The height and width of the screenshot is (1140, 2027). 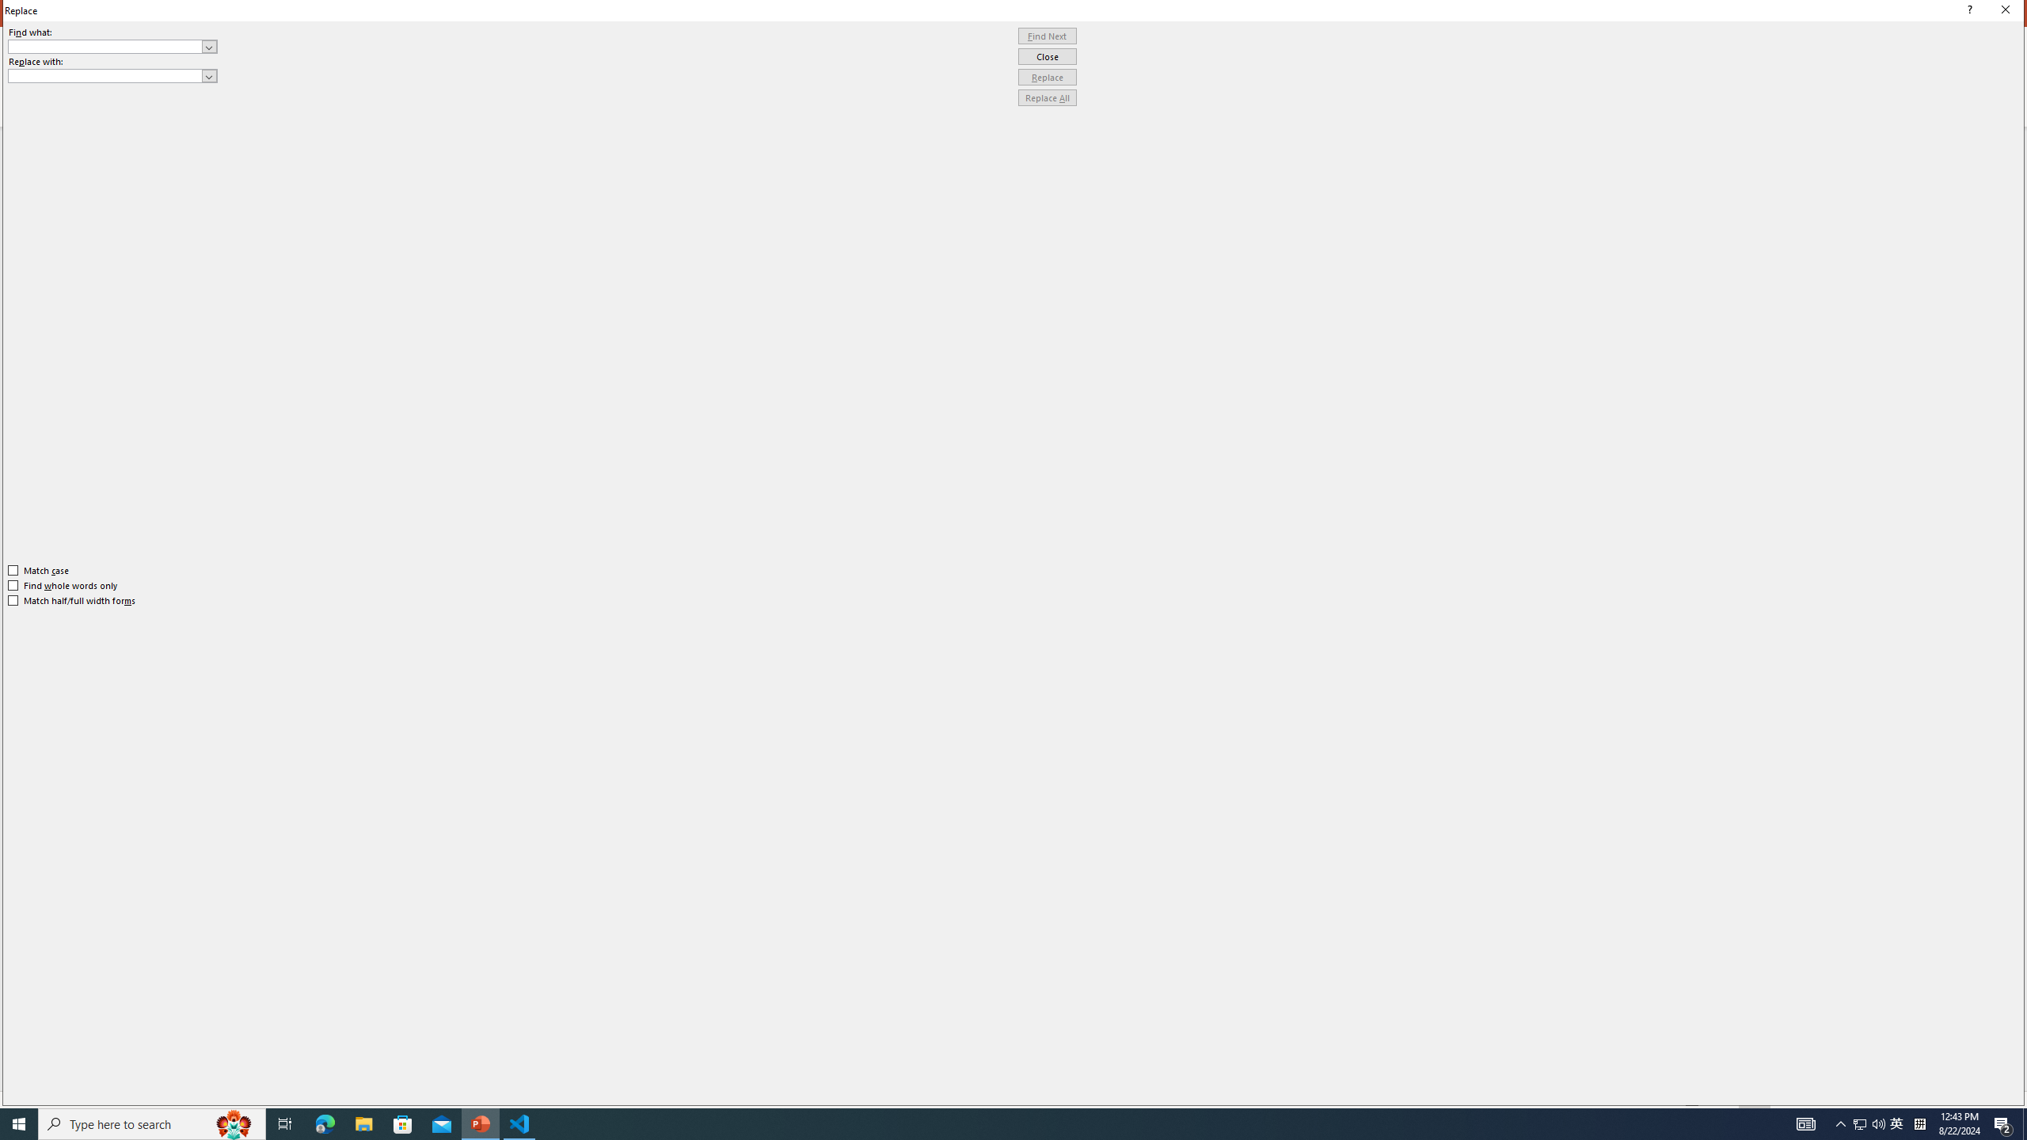 What do you see at coordinates (1047, 76) in the screenshot?
I see `'Replace'` at bounding box center [1047, 76].